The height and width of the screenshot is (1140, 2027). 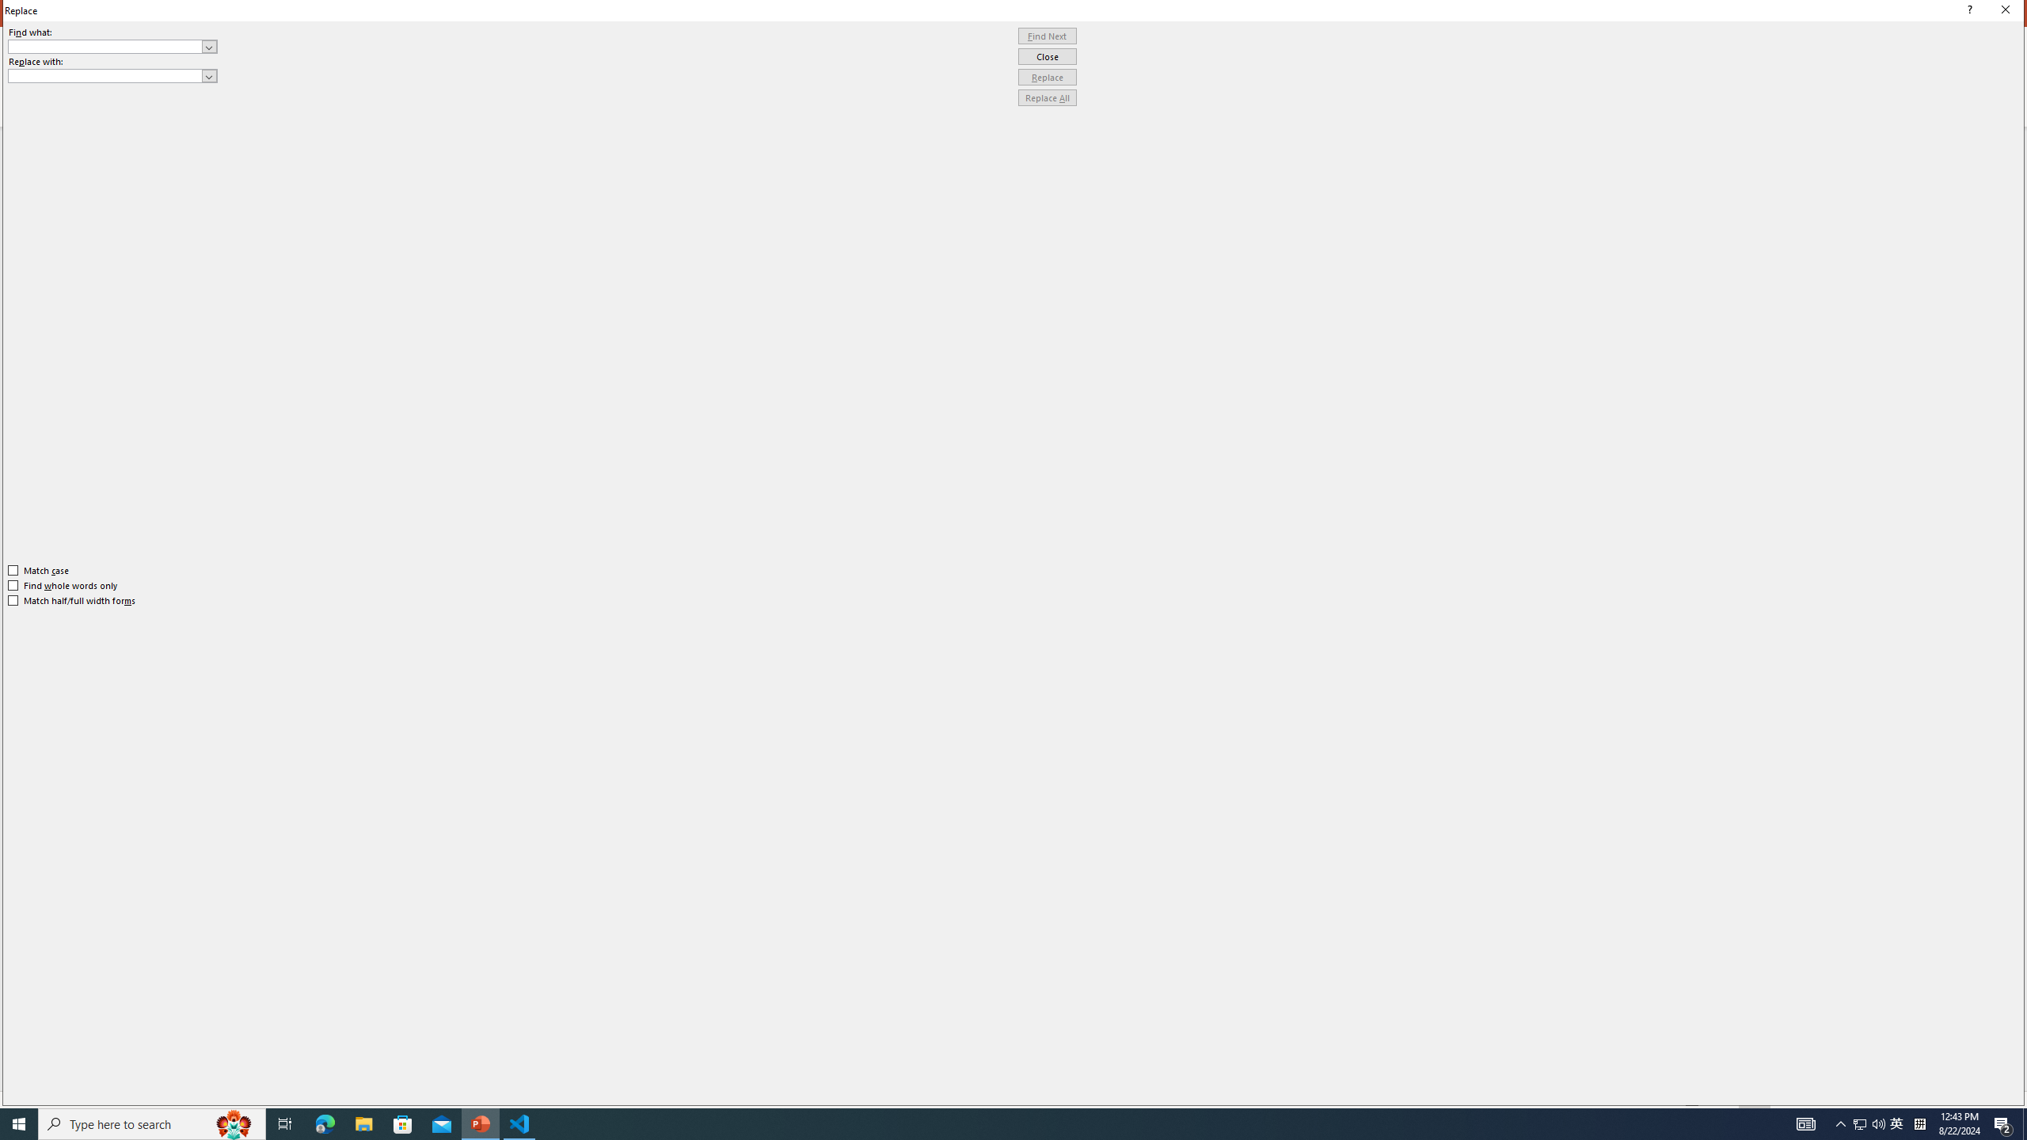 What do you see at coordinates (1047, 76) in the screenshot?
I see `'Replace'` at bounding box center [1047, 76].